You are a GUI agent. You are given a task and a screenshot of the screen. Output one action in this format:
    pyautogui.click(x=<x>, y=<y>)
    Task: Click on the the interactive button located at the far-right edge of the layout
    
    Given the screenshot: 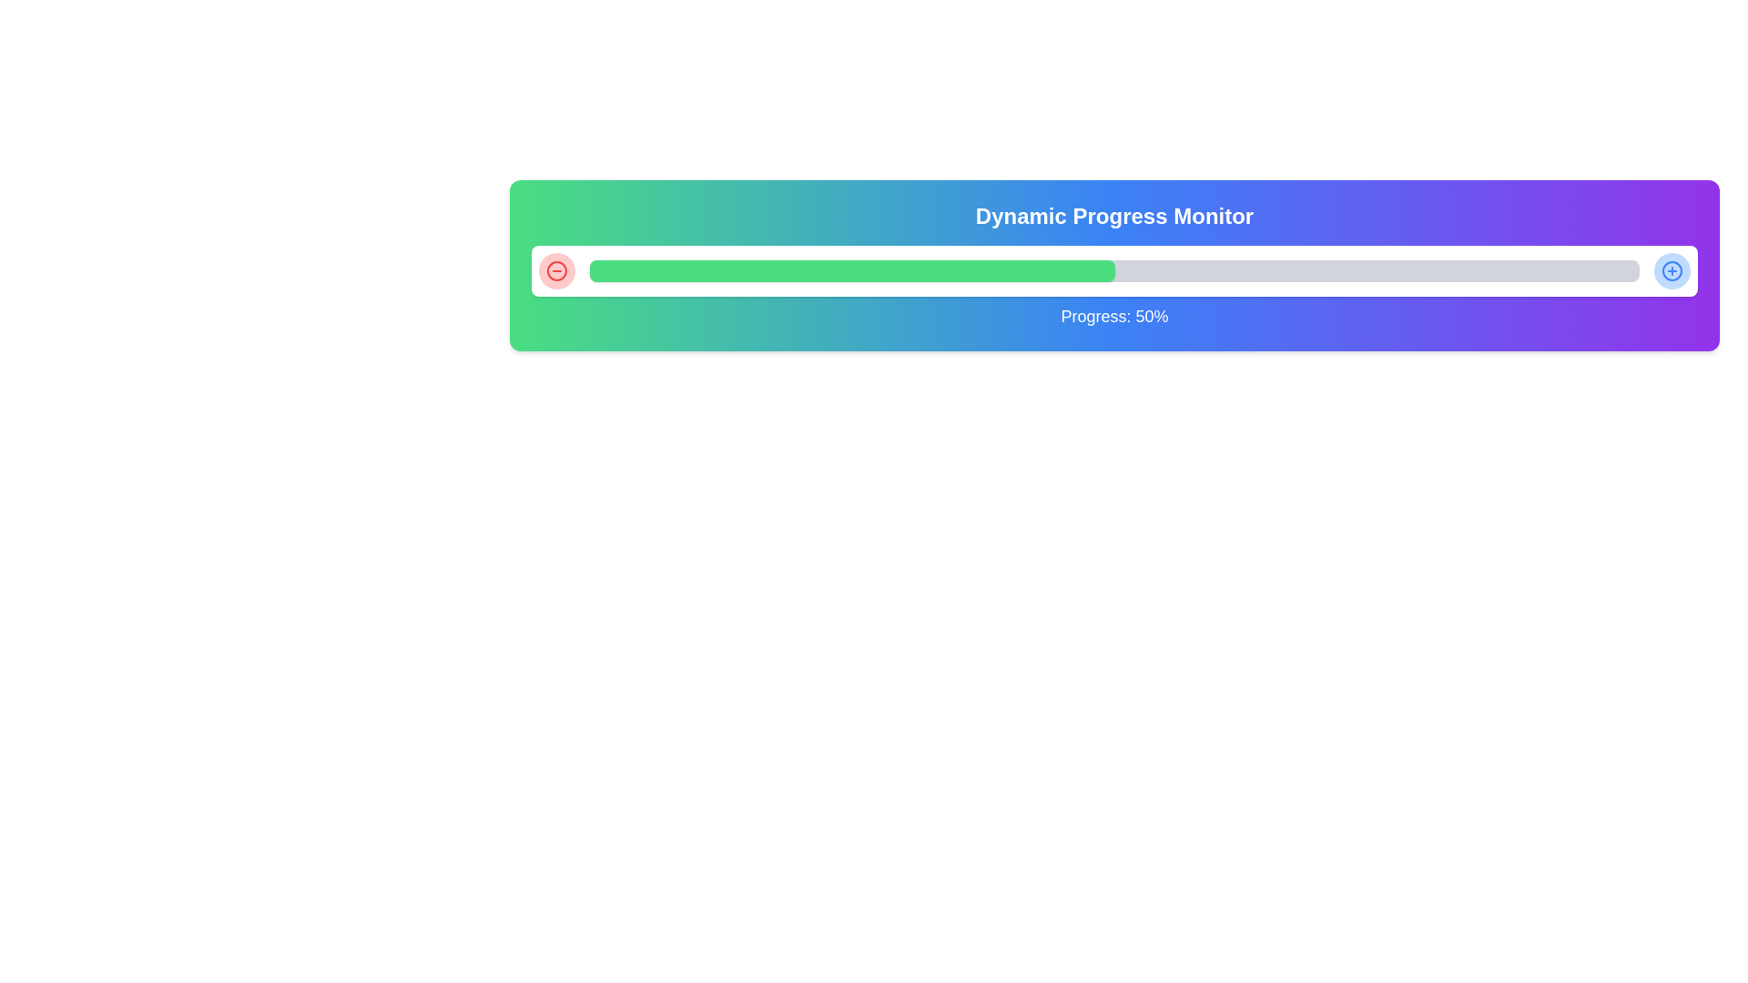 What is the action you would take?
    pyautogui.click(x=1672, y=270)
    